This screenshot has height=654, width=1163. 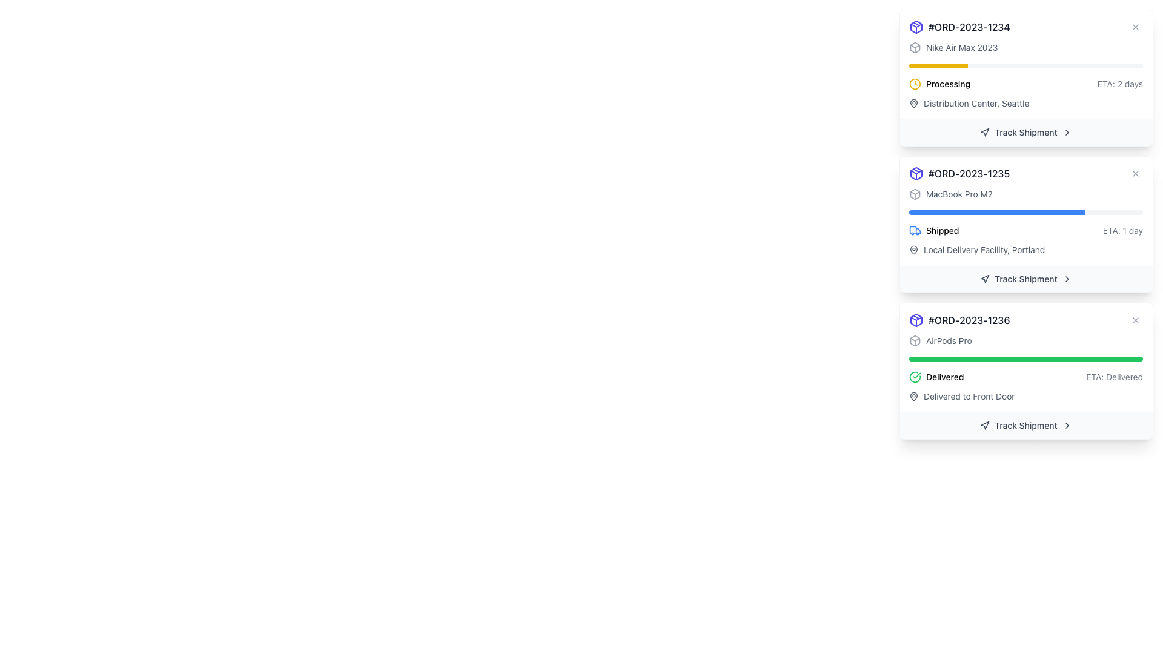 What do you see at coordinates (916, 173) in the screenshot?
I see `the 3D package box icon, which is part of an SVG group located to the left of the title for each shipment. This icon signifies the type of item in the shipment card` at bounding box center [916, 173].